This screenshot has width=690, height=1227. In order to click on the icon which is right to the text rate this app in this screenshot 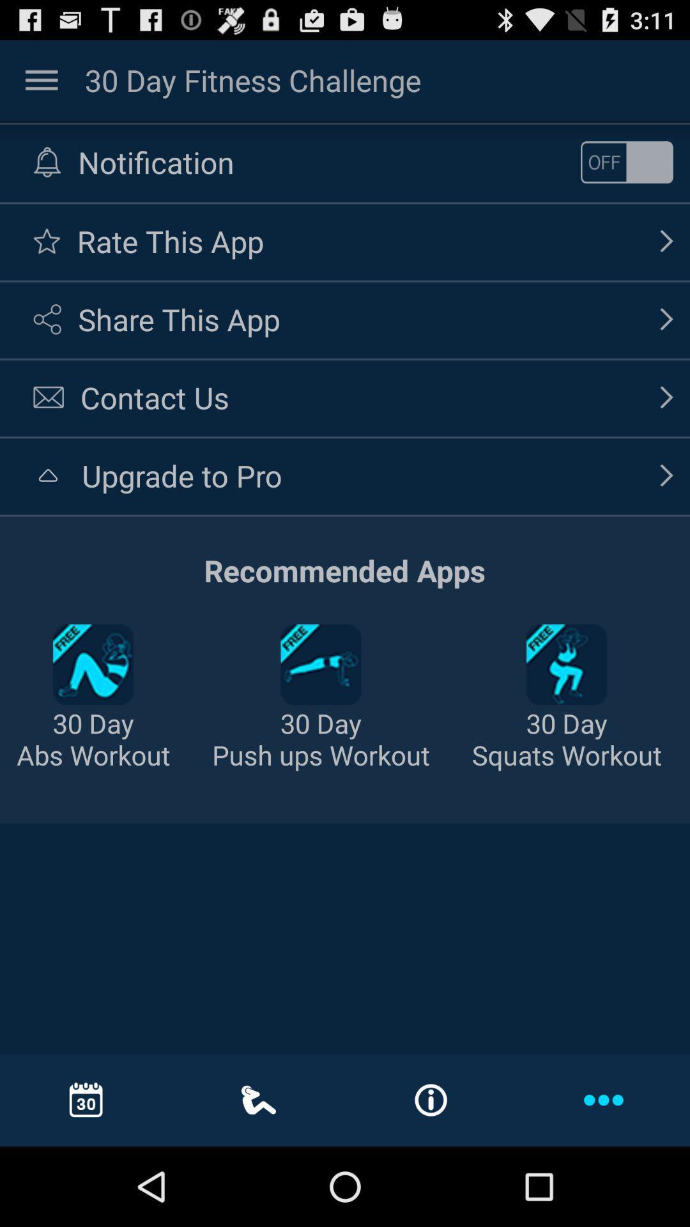, I will do `click(666, 241)`.